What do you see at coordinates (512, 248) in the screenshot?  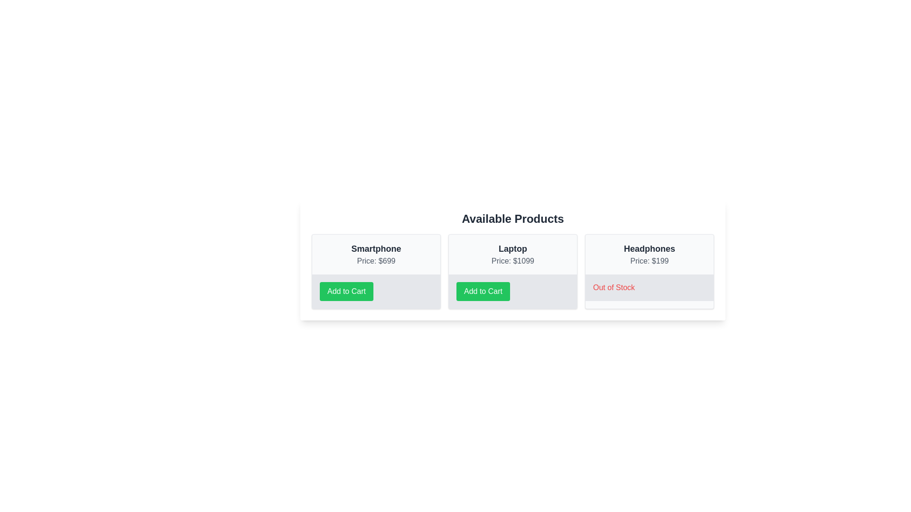 I see `the 'Laptop' text label, which serves as the title of the product and is located in the middle product card of the product list section` at bounding box center [512, 248].